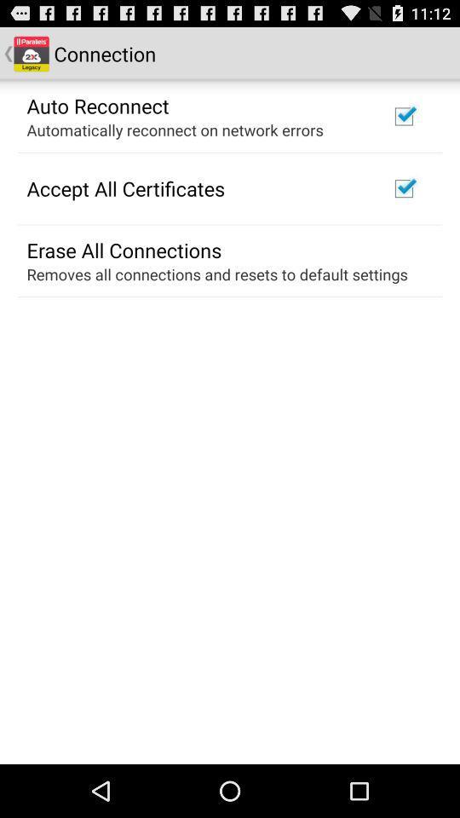 The width and height of the screenshot is (460, 818). I want to click on the item below the automatically reconnect on icon, so click(124, 188).